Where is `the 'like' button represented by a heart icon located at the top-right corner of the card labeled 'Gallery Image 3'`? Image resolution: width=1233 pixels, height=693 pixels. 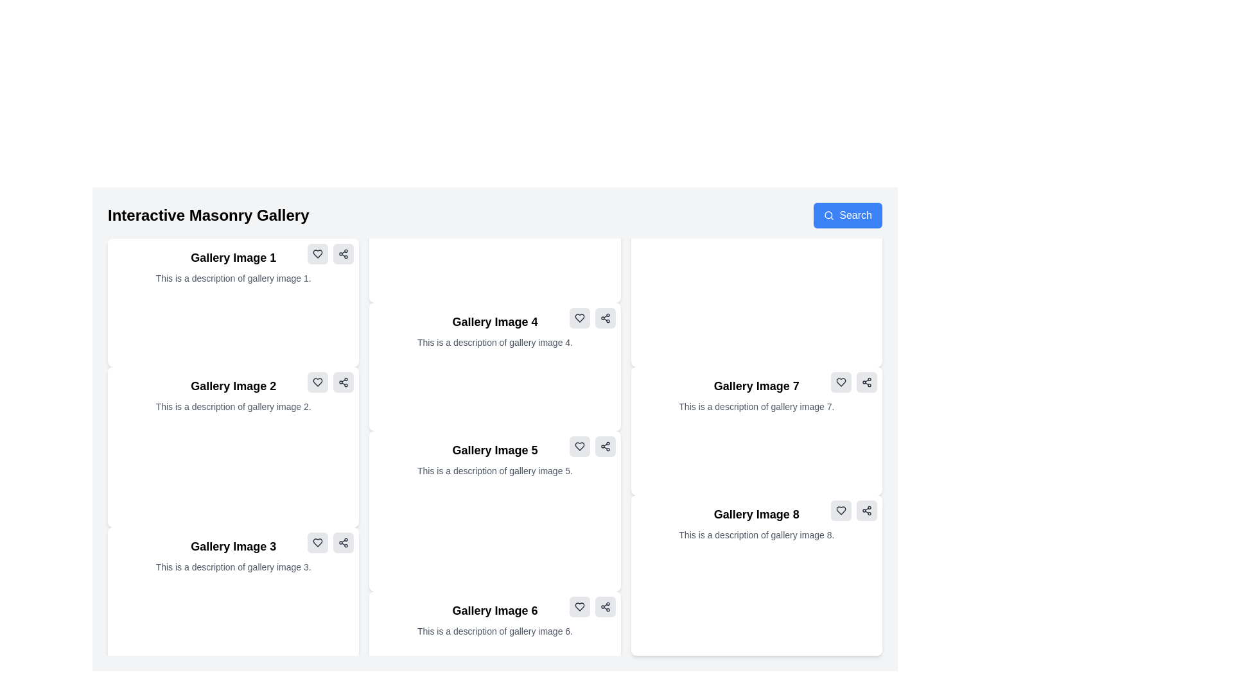 the 'like' button represented by a heart icon located at the top-right corner of the card labeled 'Gallery Image 3' is located at coordinates (318, 542).